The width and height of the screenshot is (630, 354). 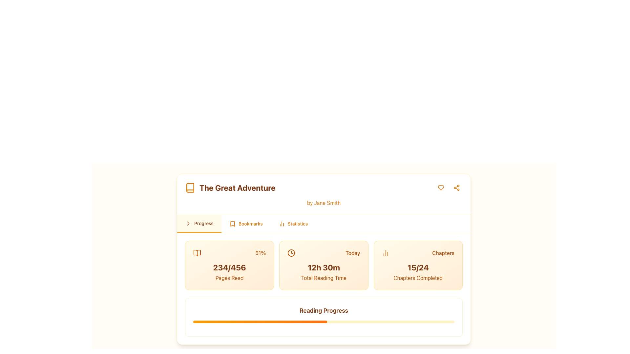 I want to click on text content of the amber-colored label displaying 'by Jane Smith', located directly below the title 'The Great Adventure', so click(x=324, y=202).